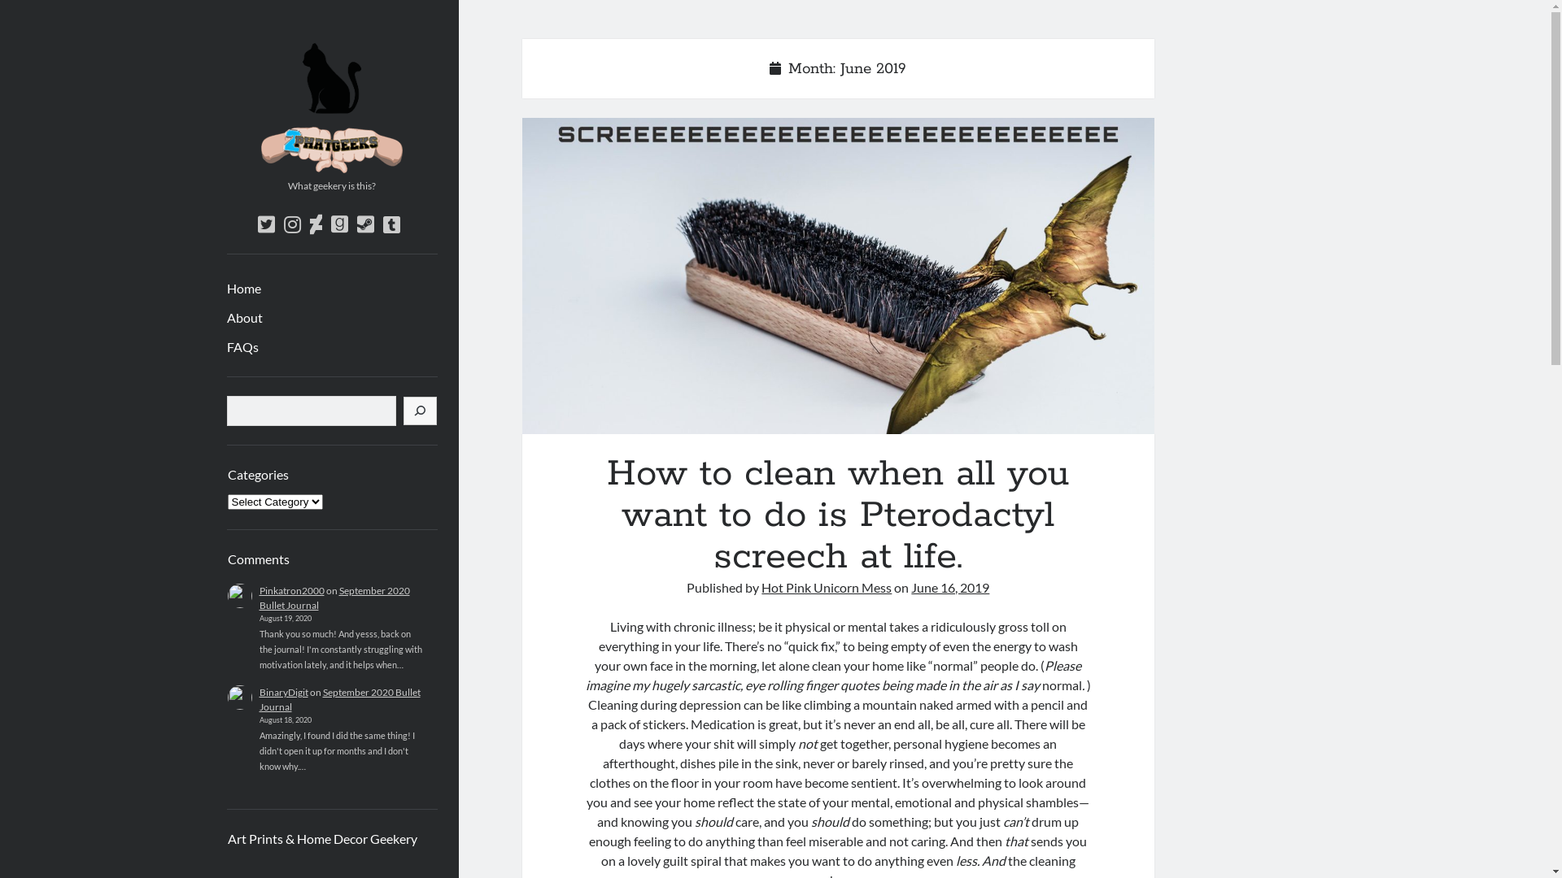 The height and width of the screenshot is (878, 1562). What do you see at coordinates (265, 224) in the screenshot?
I see `'twitter'` at bounding box center [265, 224].